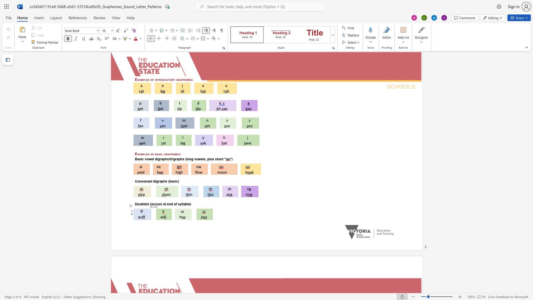  I want to click on the 1th character "g" in the text, so click(157, 181).